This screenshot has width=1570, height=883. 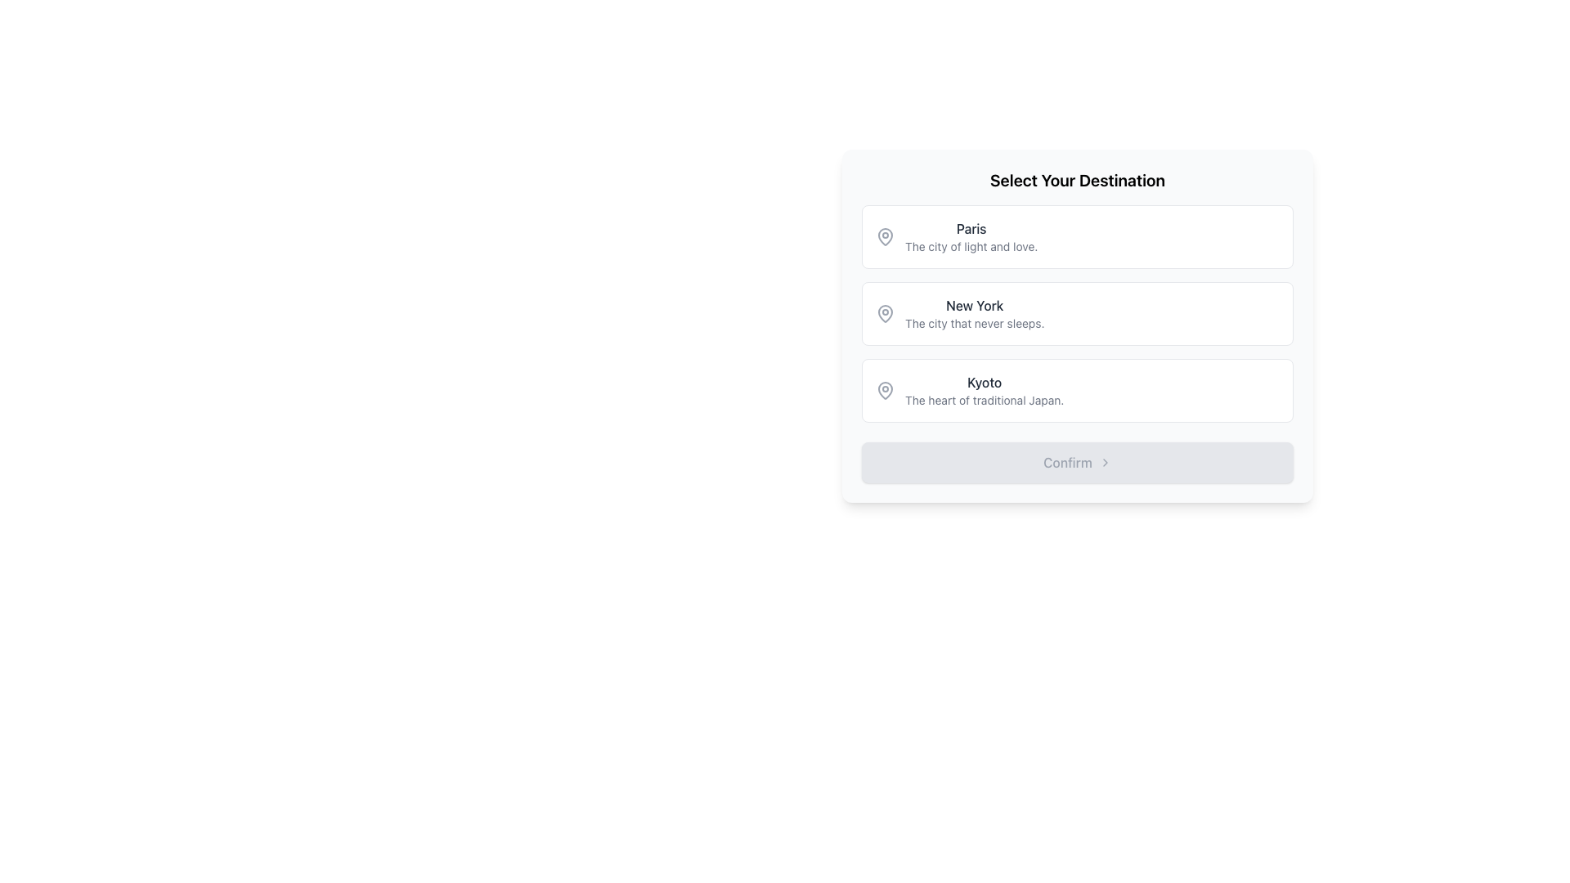 What do you see at coordinates (971, 236) in the screenshot?
I see `text displayed for the option labeled 'Paris' with the tagline 'The city of light and love.'` at bounding box center [971, 236].